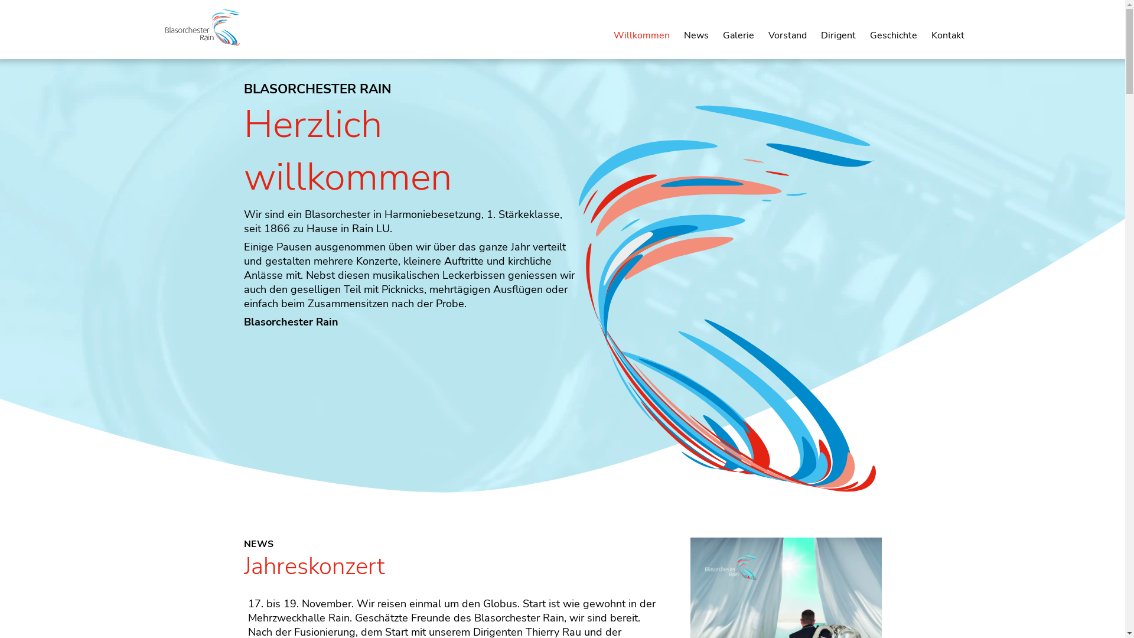 The width and height of the screenshot is (1134, 638). Describe the element at coordinates (838, 35) in the screenshot. I see `'Dirigent'` at that location.